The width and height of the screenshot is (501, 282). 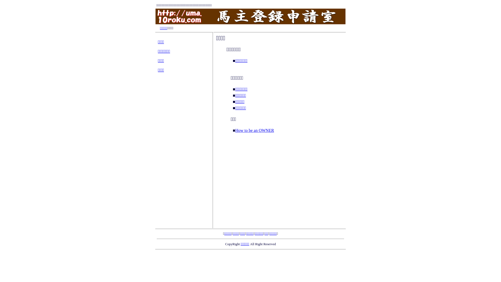 What do you see at coordinates (279, 182) in the screenshot?
I see `'Advertisement'` at bounding box center [279, 182].